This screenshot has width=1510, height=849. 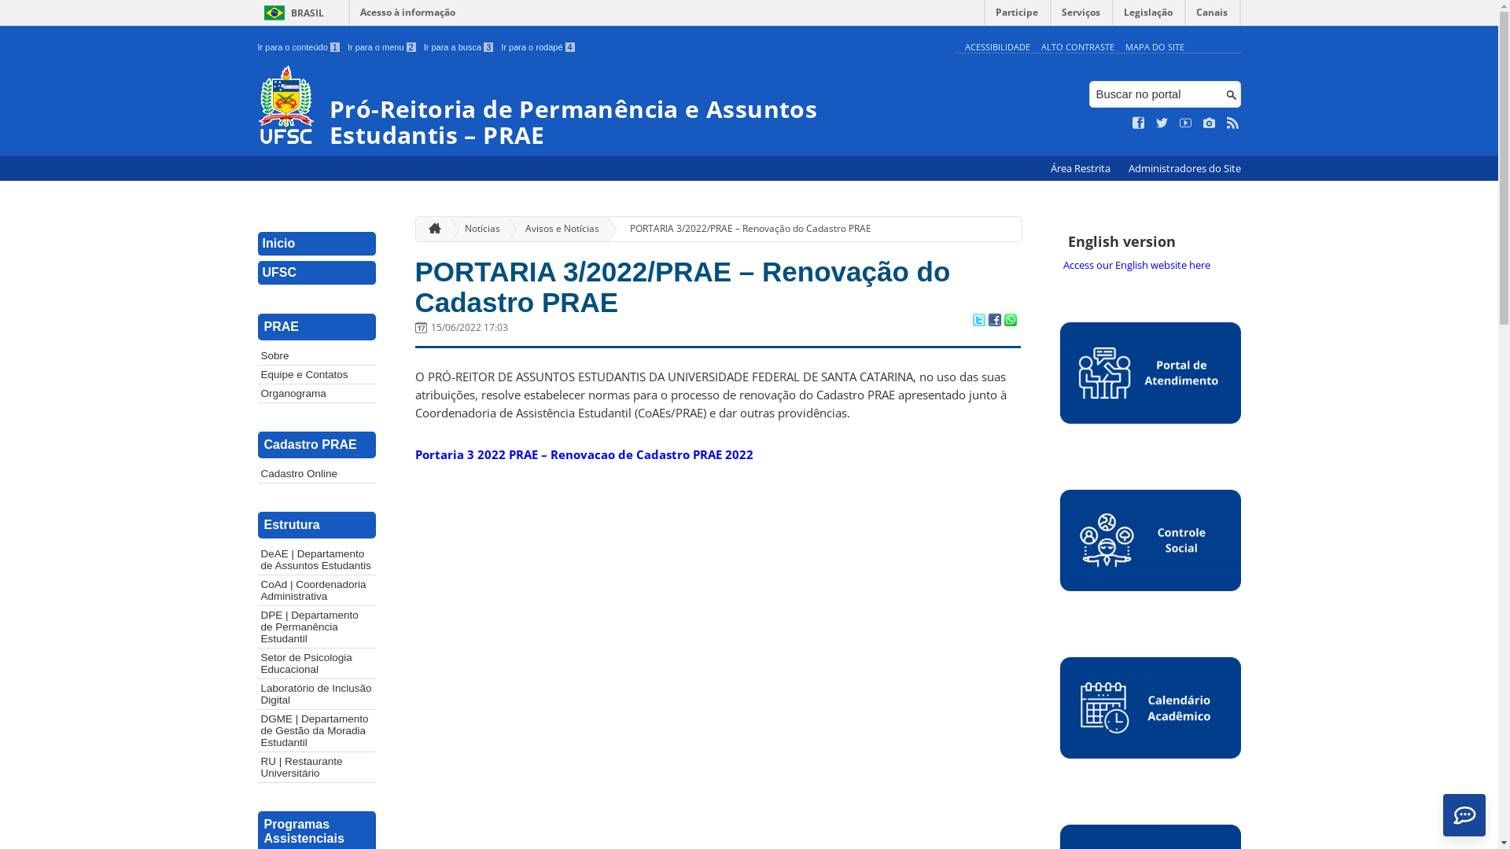 I want to click on 'CoAd | Coordenadoria Administrativa', so click(x=316, y=590).